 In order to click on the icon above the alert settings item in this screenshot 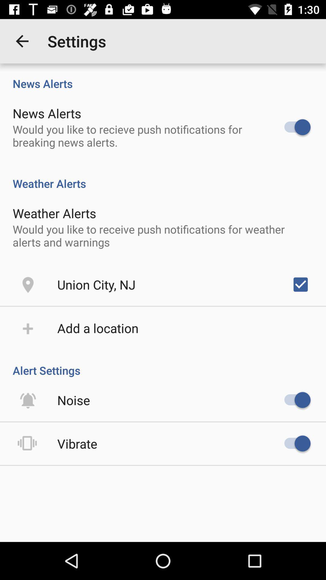, I will do `click(300, 284)`.